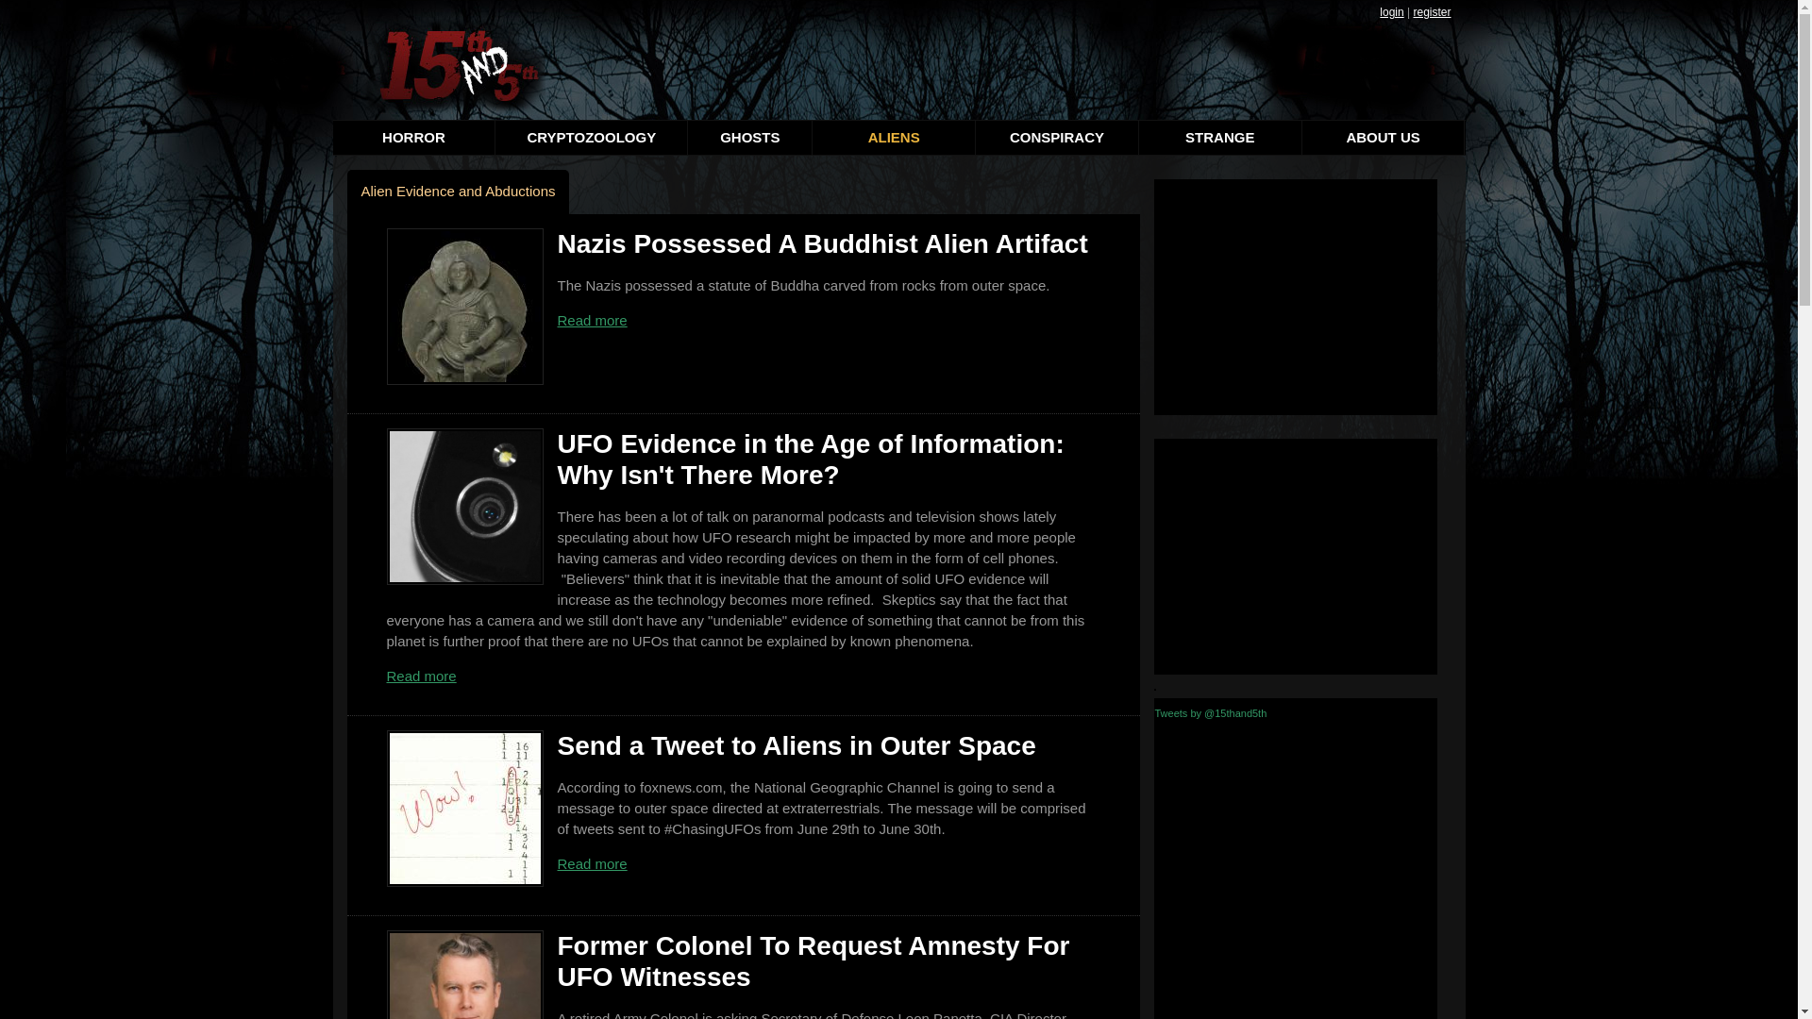 The height and width of the screenshot is (1019, 1812). I want to click on 'STRANGE', so click(1220, 137).